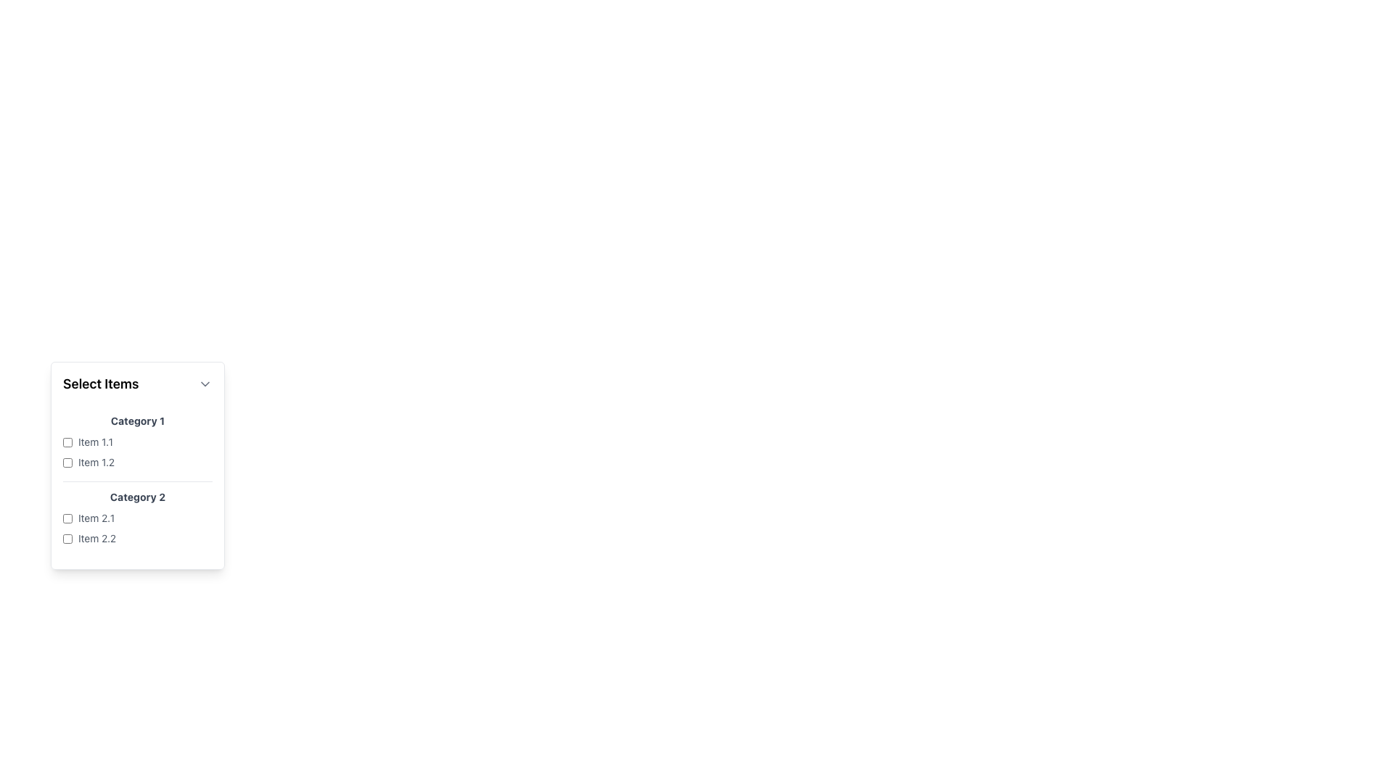 The image size is (1393, 783). I want to click on text label for 'Item 2.1' located under 'Category 2', which is positioned beside the corresponding checkbox, so click(96, 517).